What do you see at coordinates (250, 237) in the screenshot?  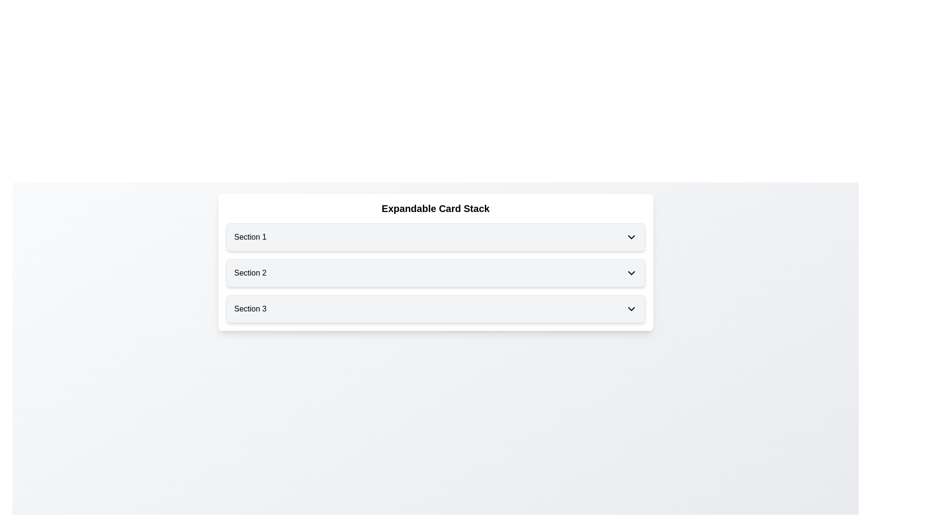 I see `text label located at the top of the vertical stack of expandable sections, which provides context for the associated section` at bounding box center [250, 237].